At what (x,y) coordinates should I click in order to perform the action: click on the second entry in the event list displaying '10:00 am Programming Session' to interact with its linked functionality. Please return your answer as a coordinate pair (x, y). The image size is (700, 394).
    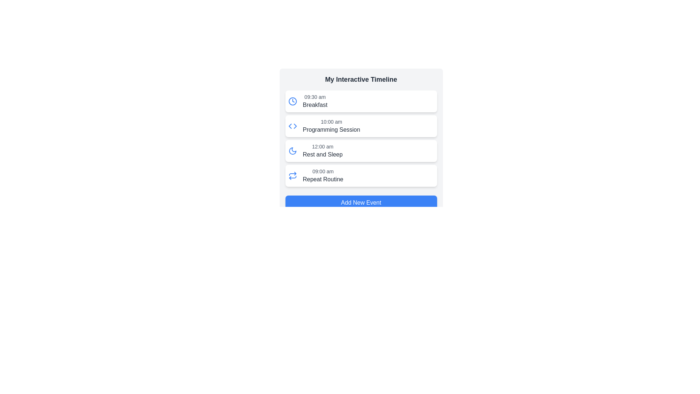
    Looking at the image, I should click on (361, 126).